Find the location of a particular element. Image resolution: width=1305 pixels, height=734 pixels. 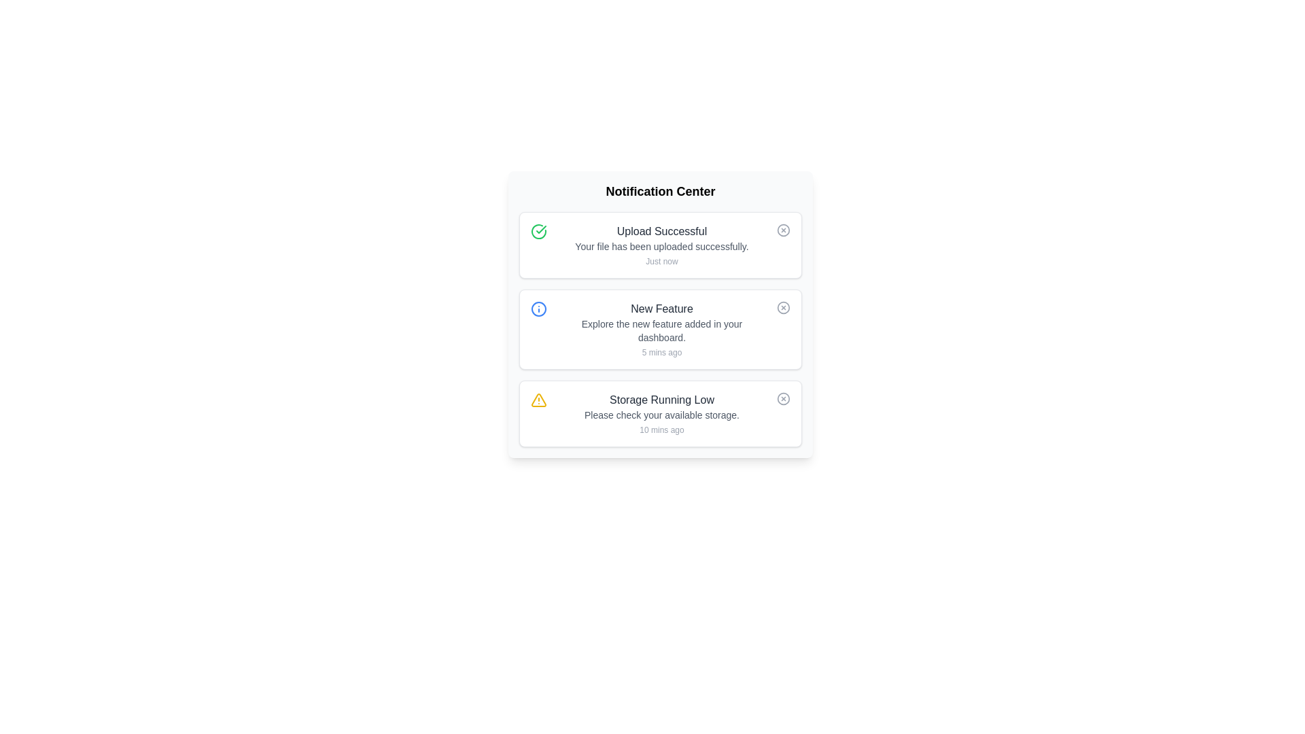

the circular button with an 'X' symbol in the center, located to the far right of the notification about the 'New Feature' is located at coordinates (783, 307).